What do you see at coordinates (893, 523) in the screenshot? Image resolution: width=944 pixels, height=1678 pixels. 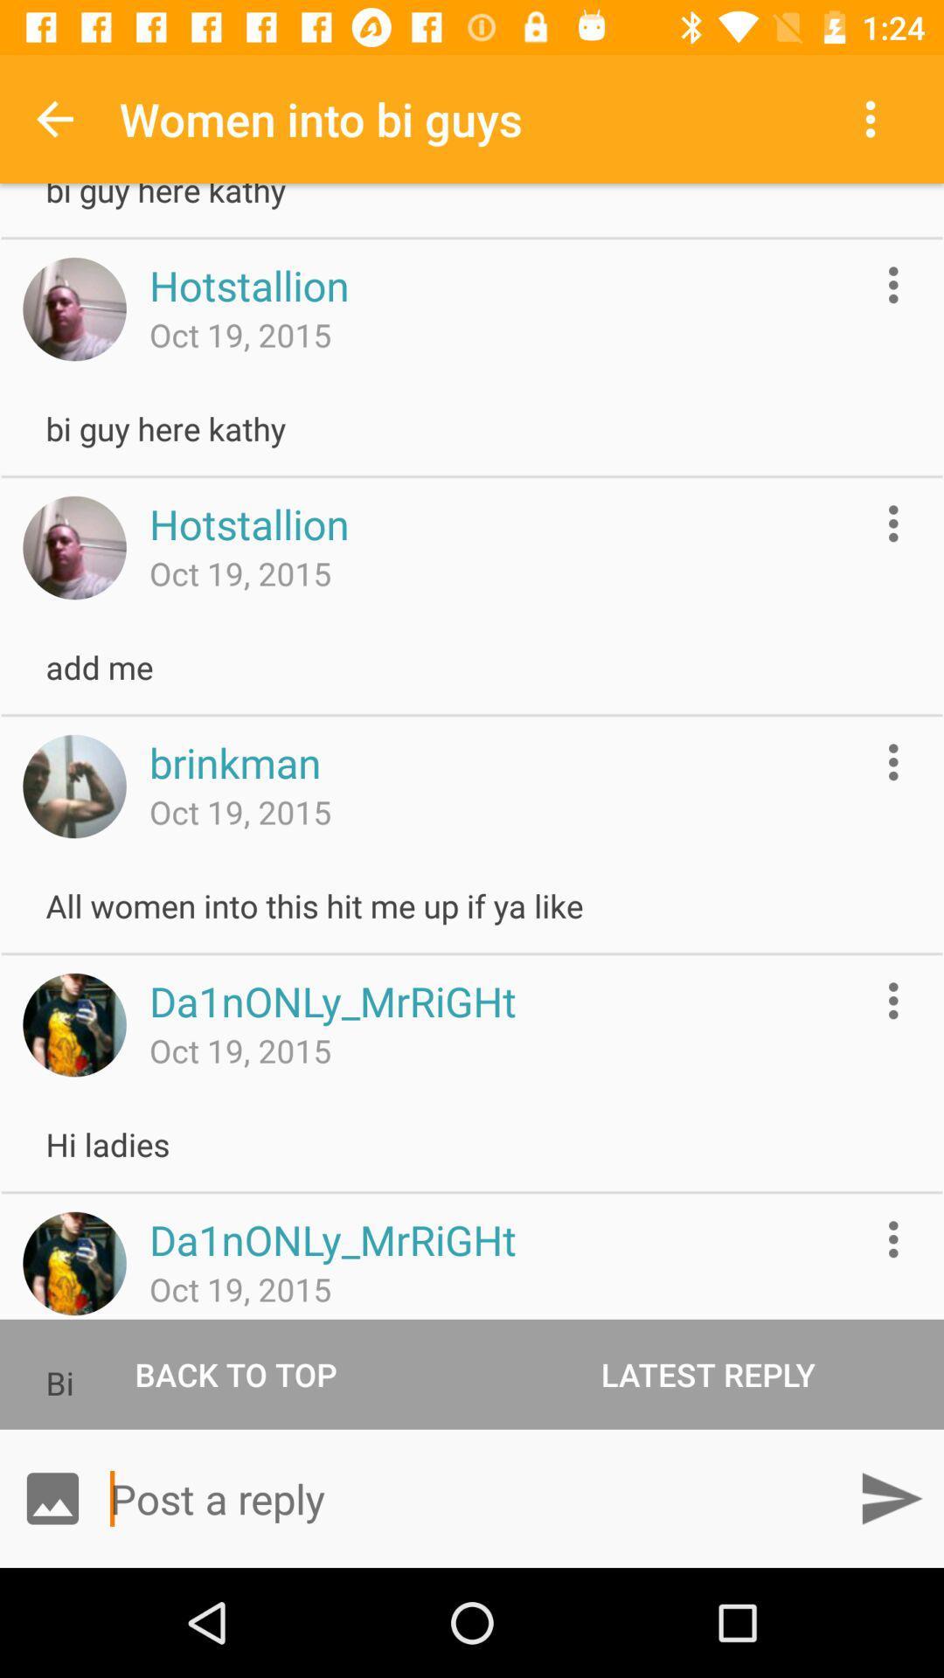 I see `information` at bounding box center [893, 523].